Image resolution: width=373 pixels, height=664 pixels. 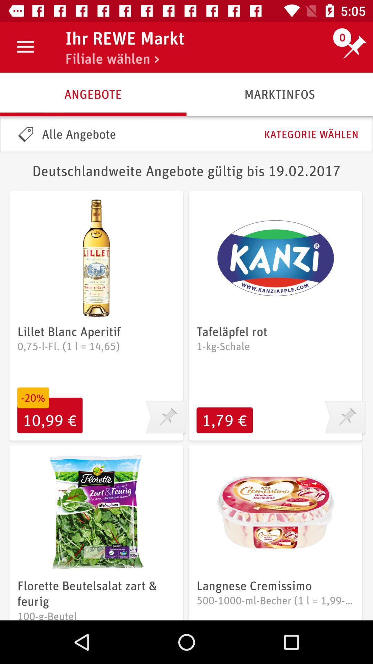 I want to click on item next to the 0, so click(x=112, y=58).